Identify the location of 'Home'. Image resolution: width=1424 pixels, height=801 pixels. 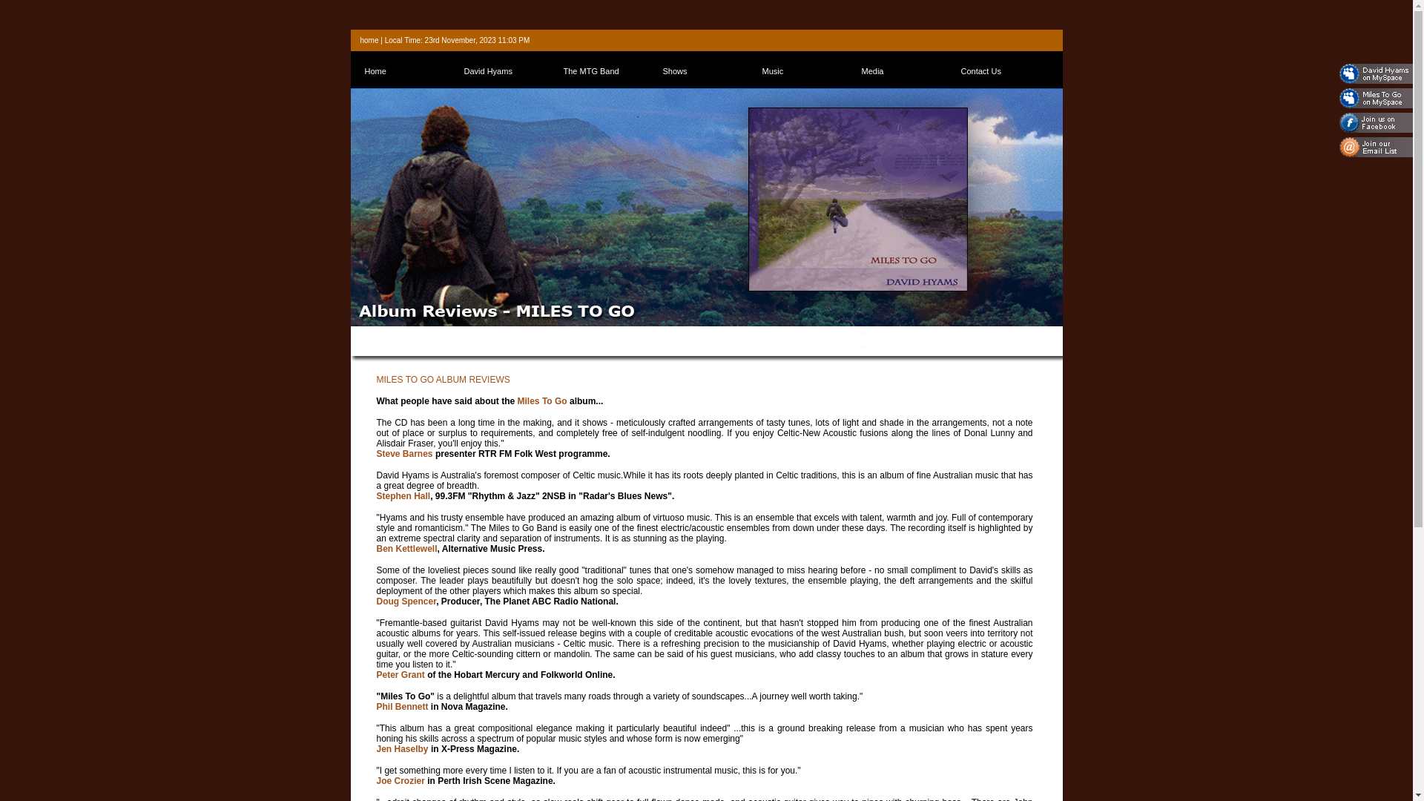
(409, 71).